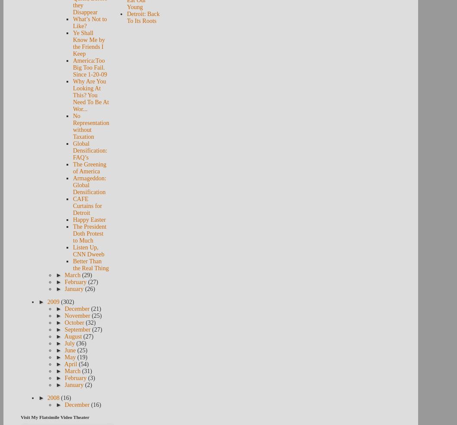  I want to click on 'No Representation without Taxation', so click(91, 126).